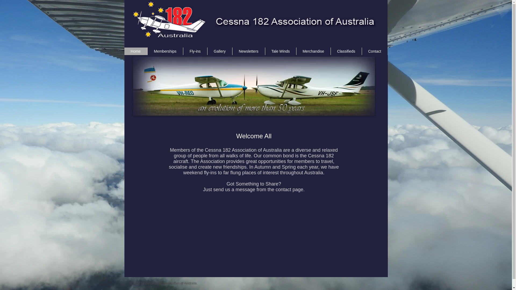 The image size is (516, 290). Describe the element at coordinates (165, 51) in the screenshot. I see `'Memberships'` at that location.